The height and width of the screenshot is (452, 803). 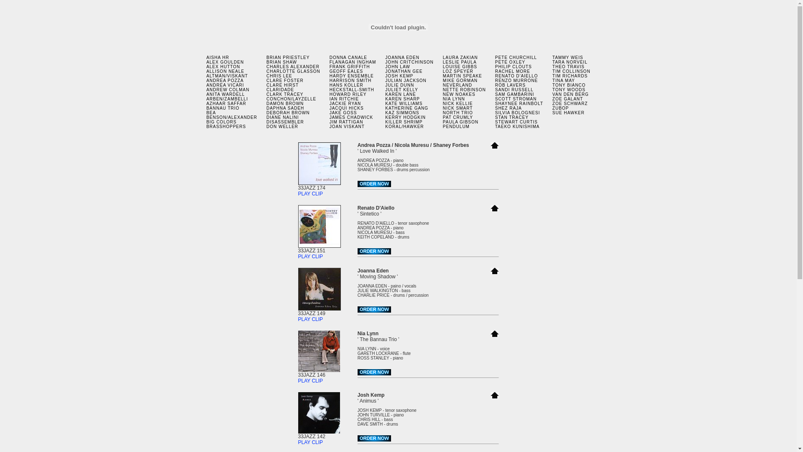 What do you see at coordinates (225, 62) in the screenshot?
I see `'ALEX GOULDEN'` at bounding box center [225, 62].